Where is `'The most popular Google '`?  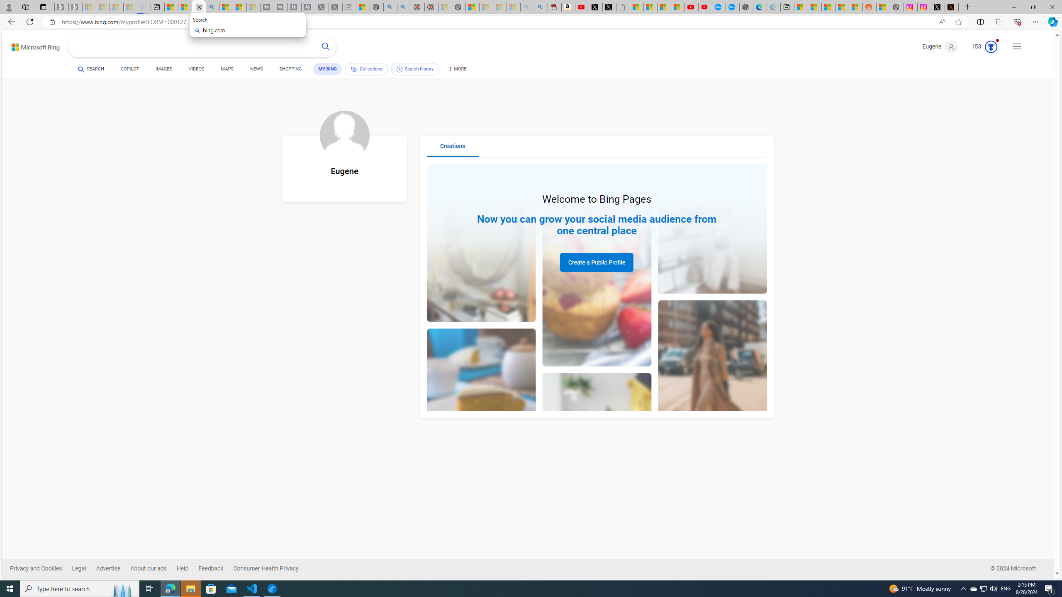
'The most popular Google ' is located at coordinates (732, 7).